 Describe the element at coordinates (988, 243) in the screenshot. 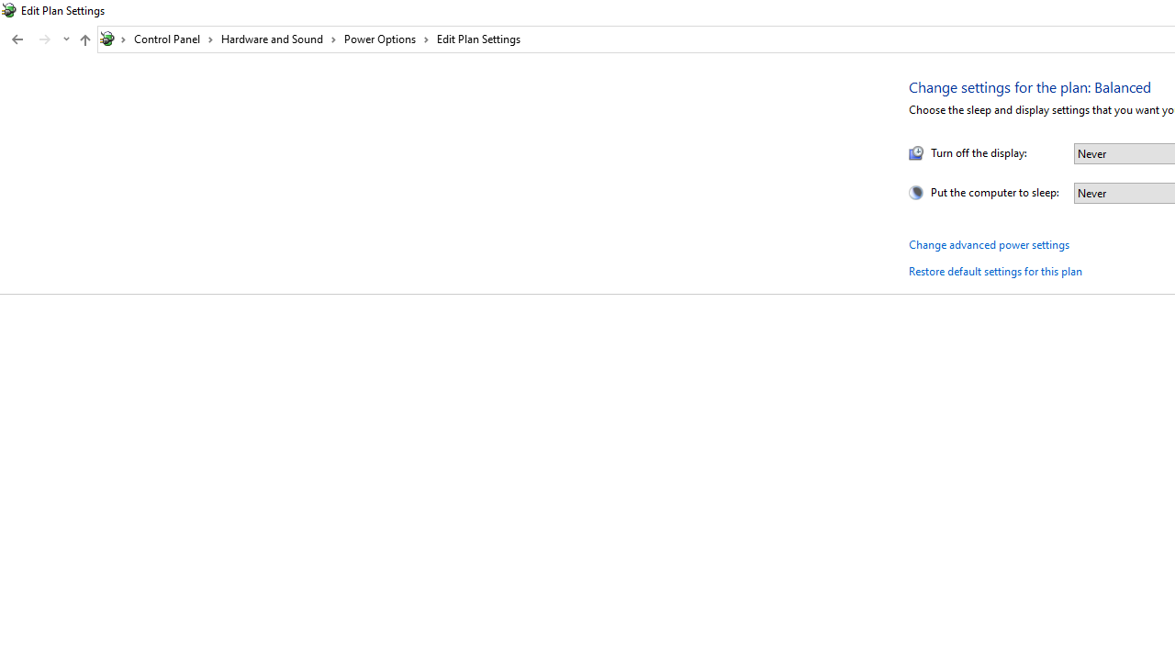

I see `'Change advanced power settings'` at that location.